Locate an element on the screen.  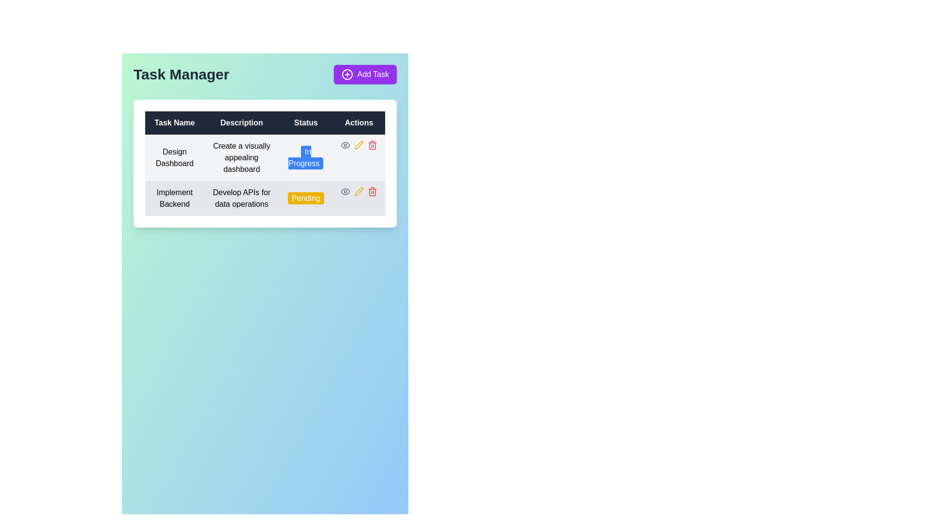
the 'Task Name' label, which is a white text label against a dark background, styled with padding and located in the upper-left section of the table header is located at coordinates (175, 123).